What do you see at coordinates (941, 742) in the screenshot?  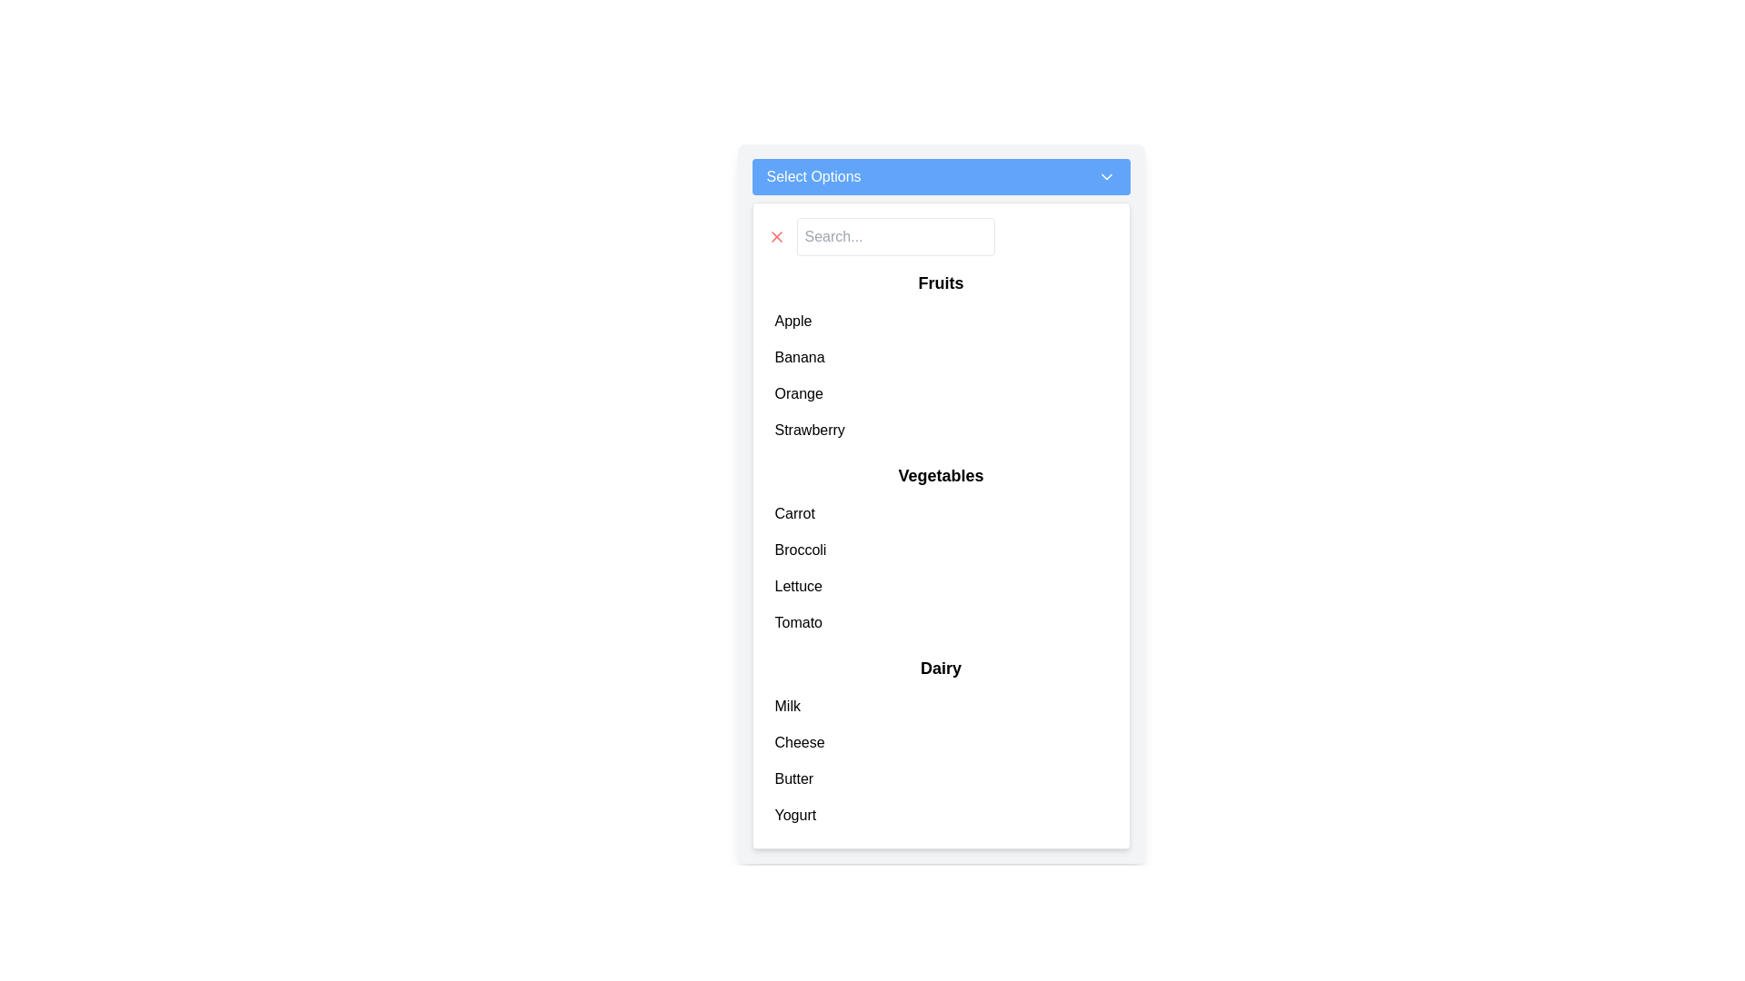 I see `the list item labeled 'Cheese'` at bounding box center [941, 742].